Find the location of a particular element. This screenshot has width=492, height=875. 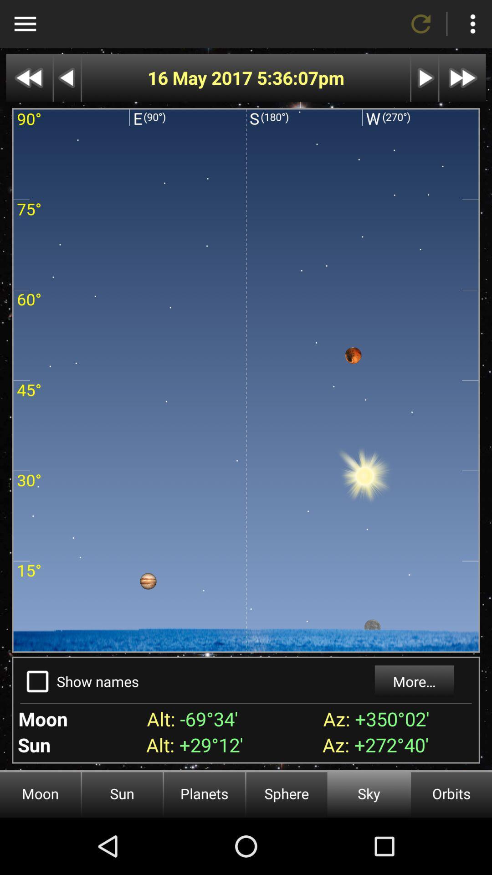

open more actions is located at coordinates (472, 24).